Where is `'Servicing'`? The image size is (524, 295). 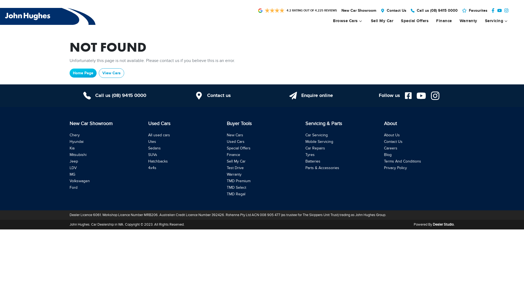 'Servicing' is located at coordinates (495, 21).